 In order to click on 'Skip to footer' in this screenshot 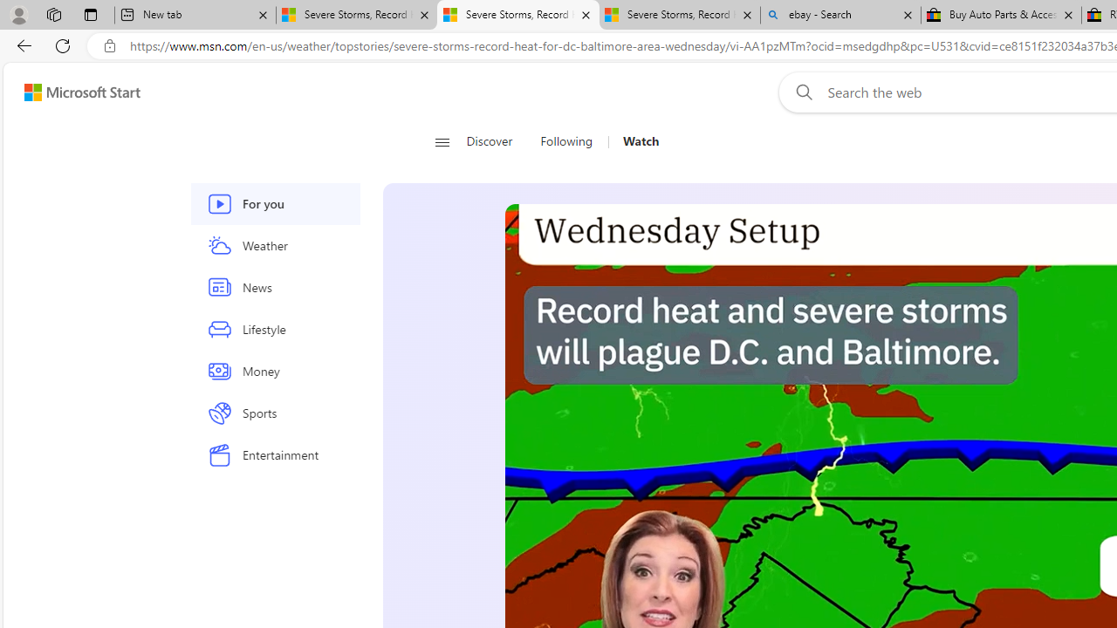, I will do `click(71, 92)`.